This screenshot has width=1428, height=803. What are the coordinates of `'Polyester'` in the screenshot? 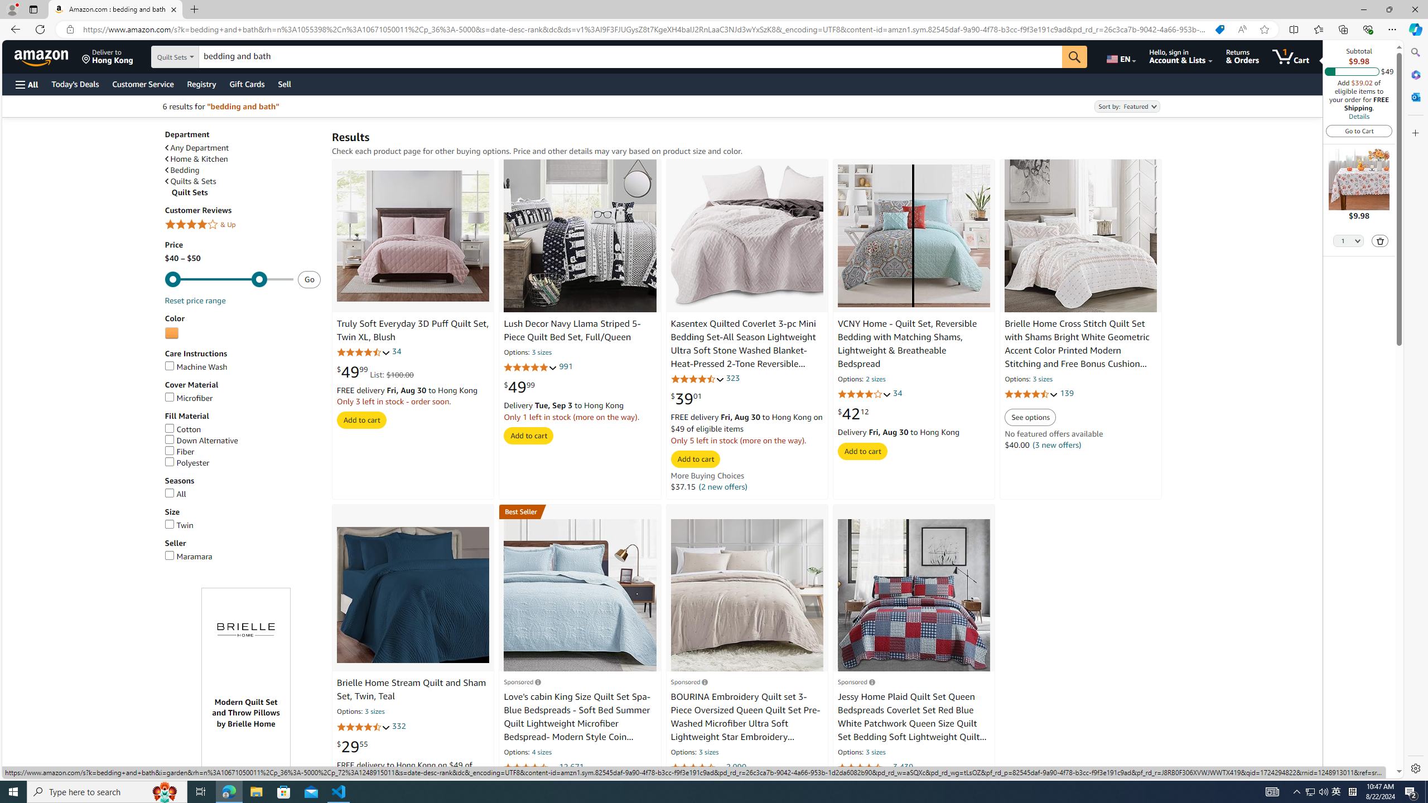 It's located at (243, 463).